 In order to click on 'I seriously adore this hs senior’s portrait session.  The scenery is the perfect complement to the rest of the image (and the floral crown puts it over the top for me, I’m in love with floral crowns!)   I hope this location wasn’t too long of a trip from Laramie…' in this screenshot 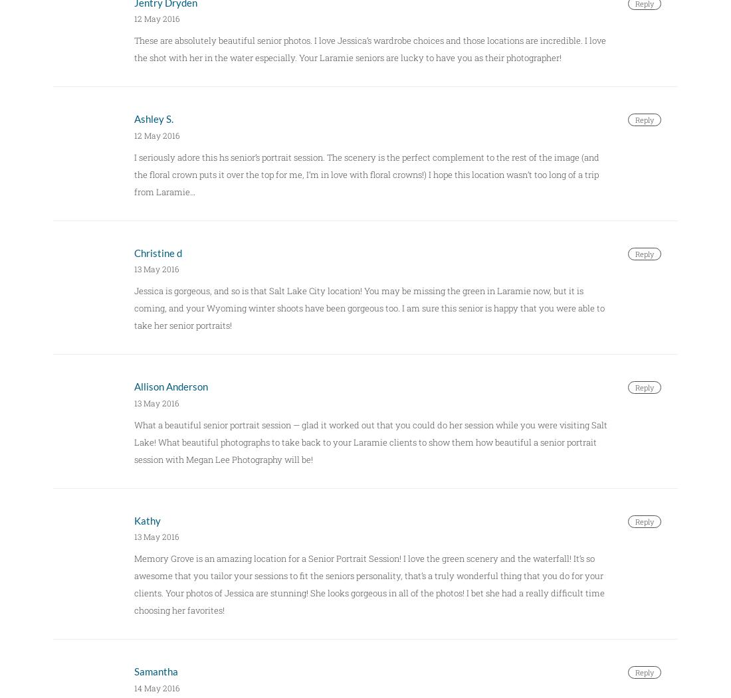, I will do `click(133, 174)`.